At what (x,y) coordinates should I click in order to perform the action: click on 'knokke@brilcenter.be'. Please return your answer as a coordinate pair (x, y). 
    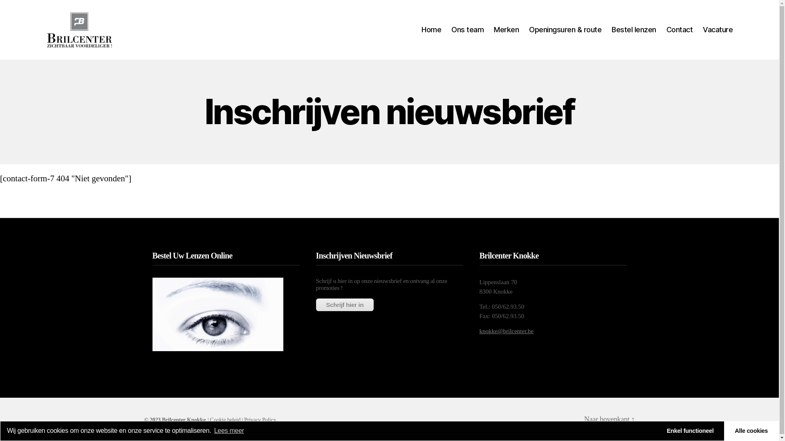
    Looking at the image, I should click on (506, 331).